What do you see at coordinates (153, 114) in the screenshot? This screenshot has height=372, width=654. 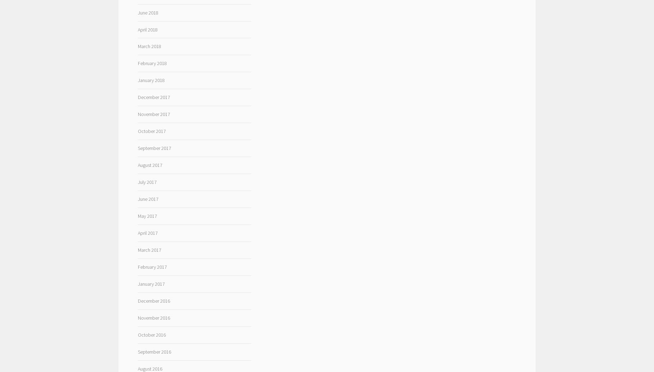 I see `'November 2017'` at bounding box center [153, 114].